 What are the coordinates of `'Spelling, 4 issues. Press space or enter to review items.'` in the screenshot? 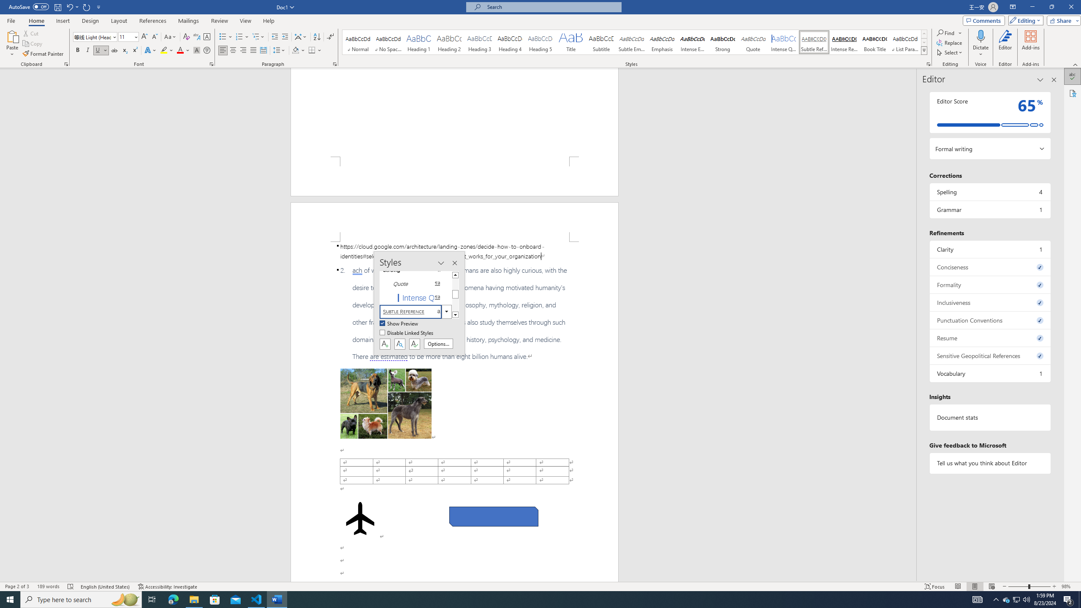 It's located at (989, 191).